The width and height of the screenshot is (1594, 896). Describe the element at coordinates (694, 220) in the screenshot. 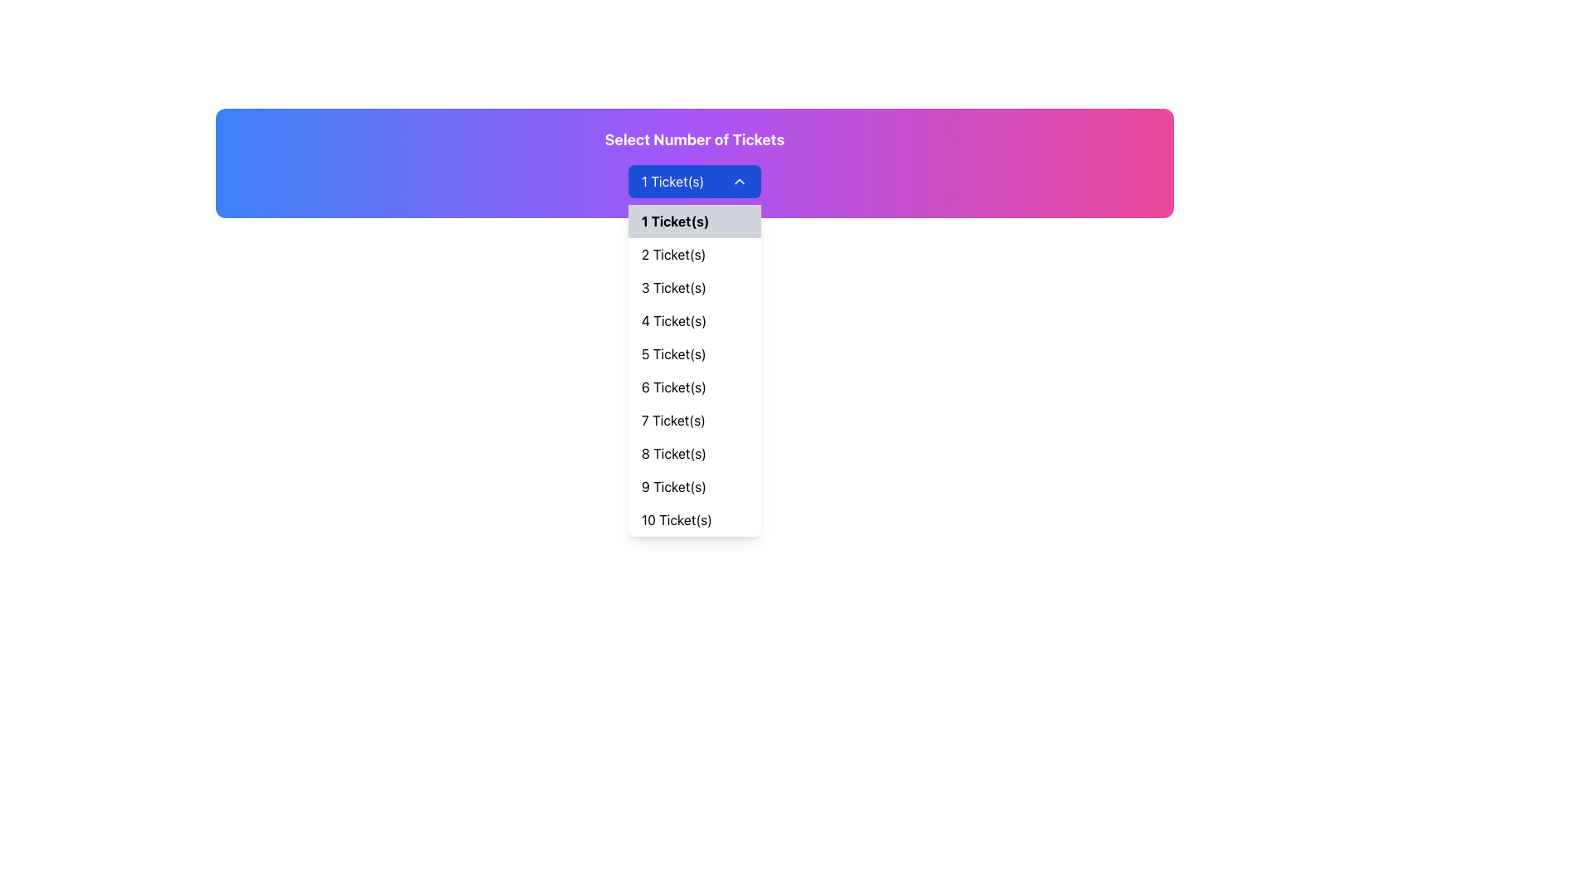

I see `the '1 Ticket(s)' text item in the dropdown menu` at that location.